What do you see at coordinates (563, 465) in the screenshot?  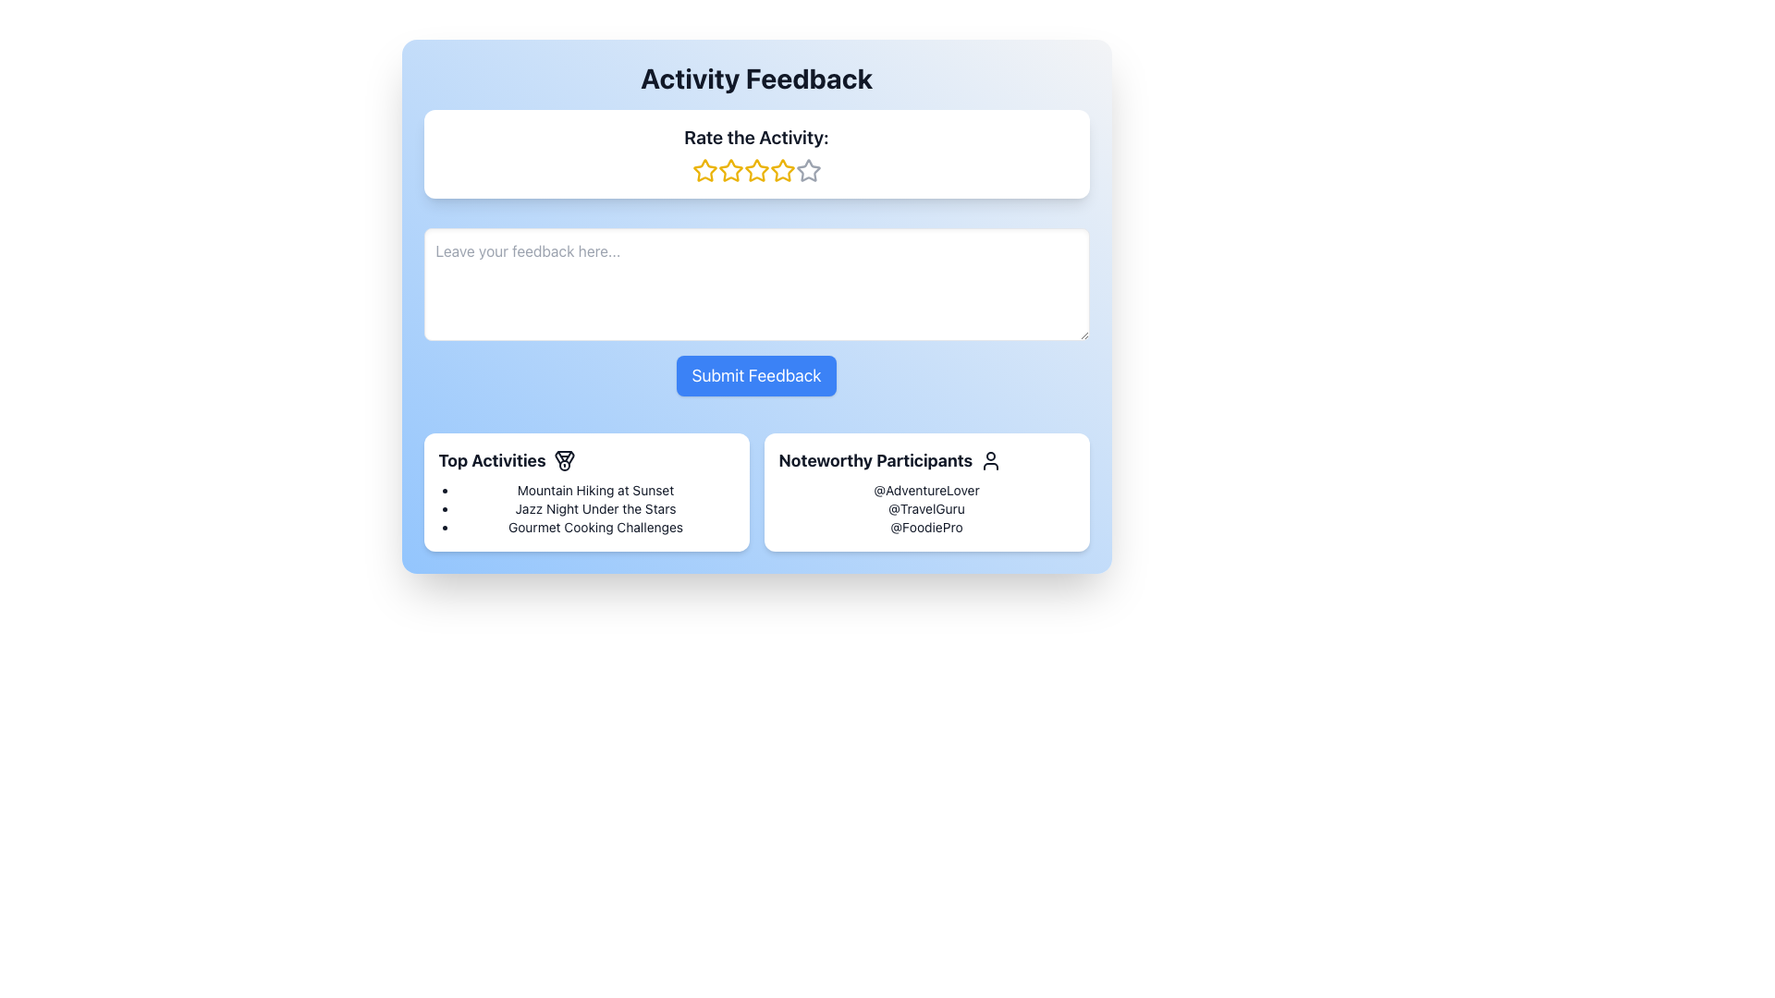 I see `the circular SVG element located next to the 'Top Activities' section, which is part of a medal-like icon` at bounding box center [563, 465].